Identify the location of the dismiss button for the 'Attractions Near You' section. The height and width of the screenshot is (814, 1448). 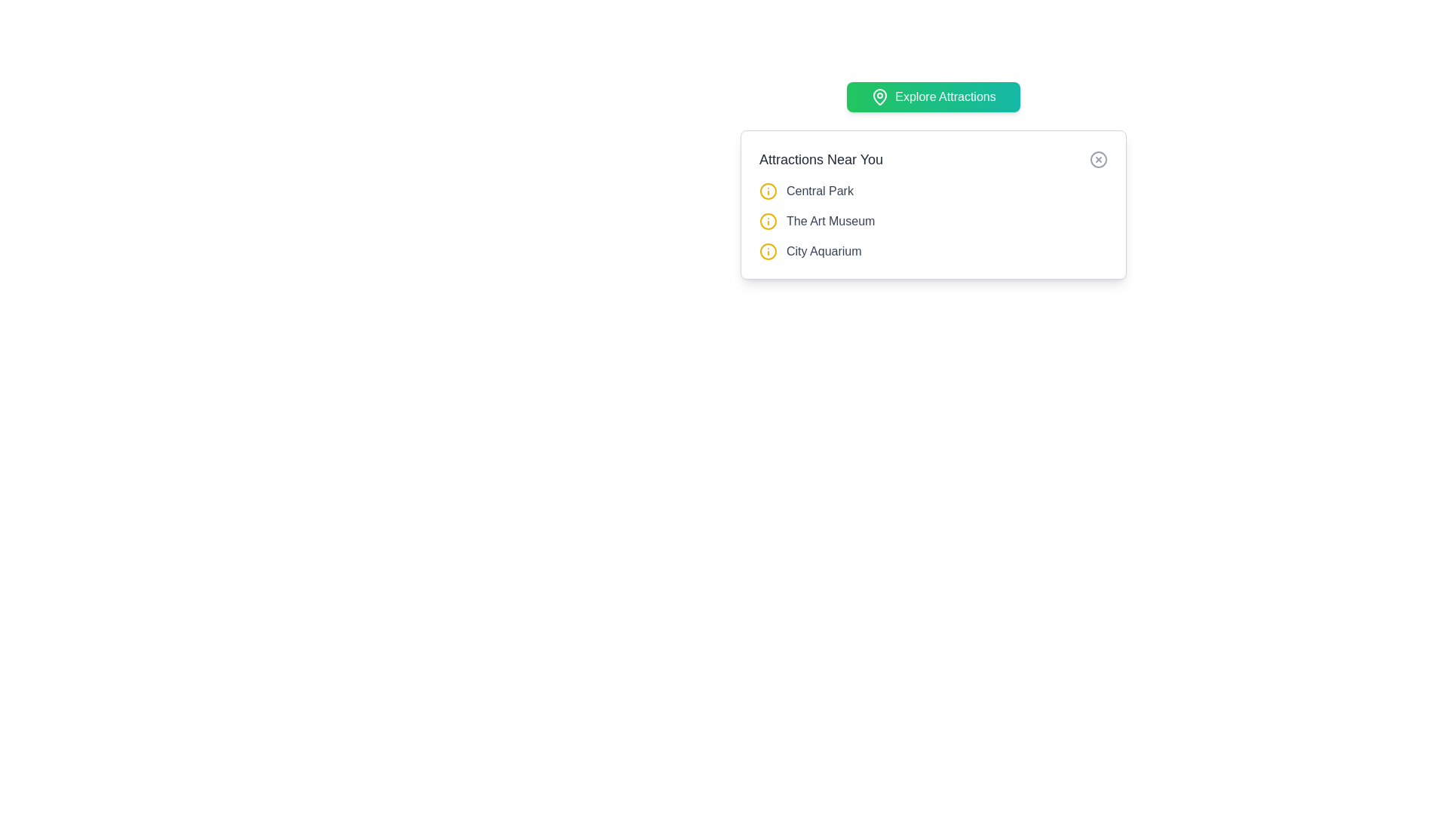
(1099, 160).